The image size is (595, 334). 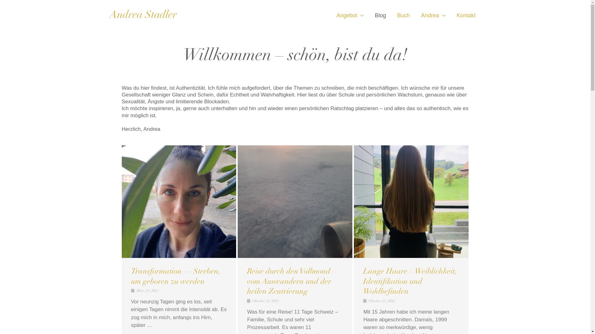 What do you see at coordinates (142, 15) in the screenshot?
I see `'Andrea Stadler'` at bounding box center [142, 15].